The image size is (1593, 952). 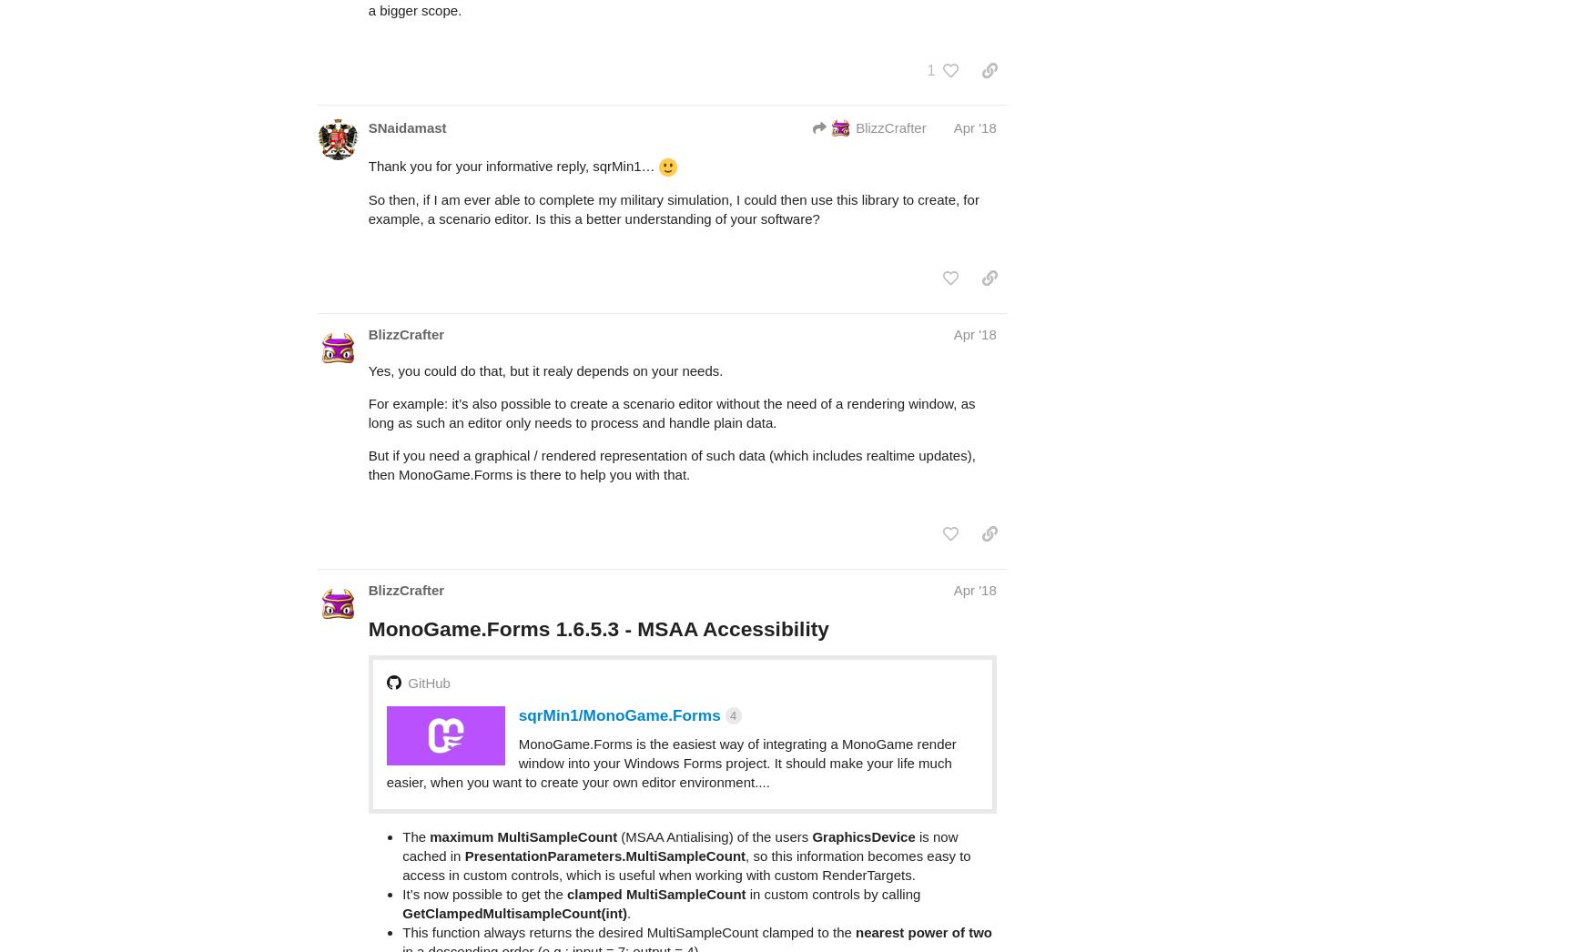 What do you see at coordinates (565, 822) in the screenshot?
I see `'clamped MultiSampleCount'` at bounding box center [565, 822].